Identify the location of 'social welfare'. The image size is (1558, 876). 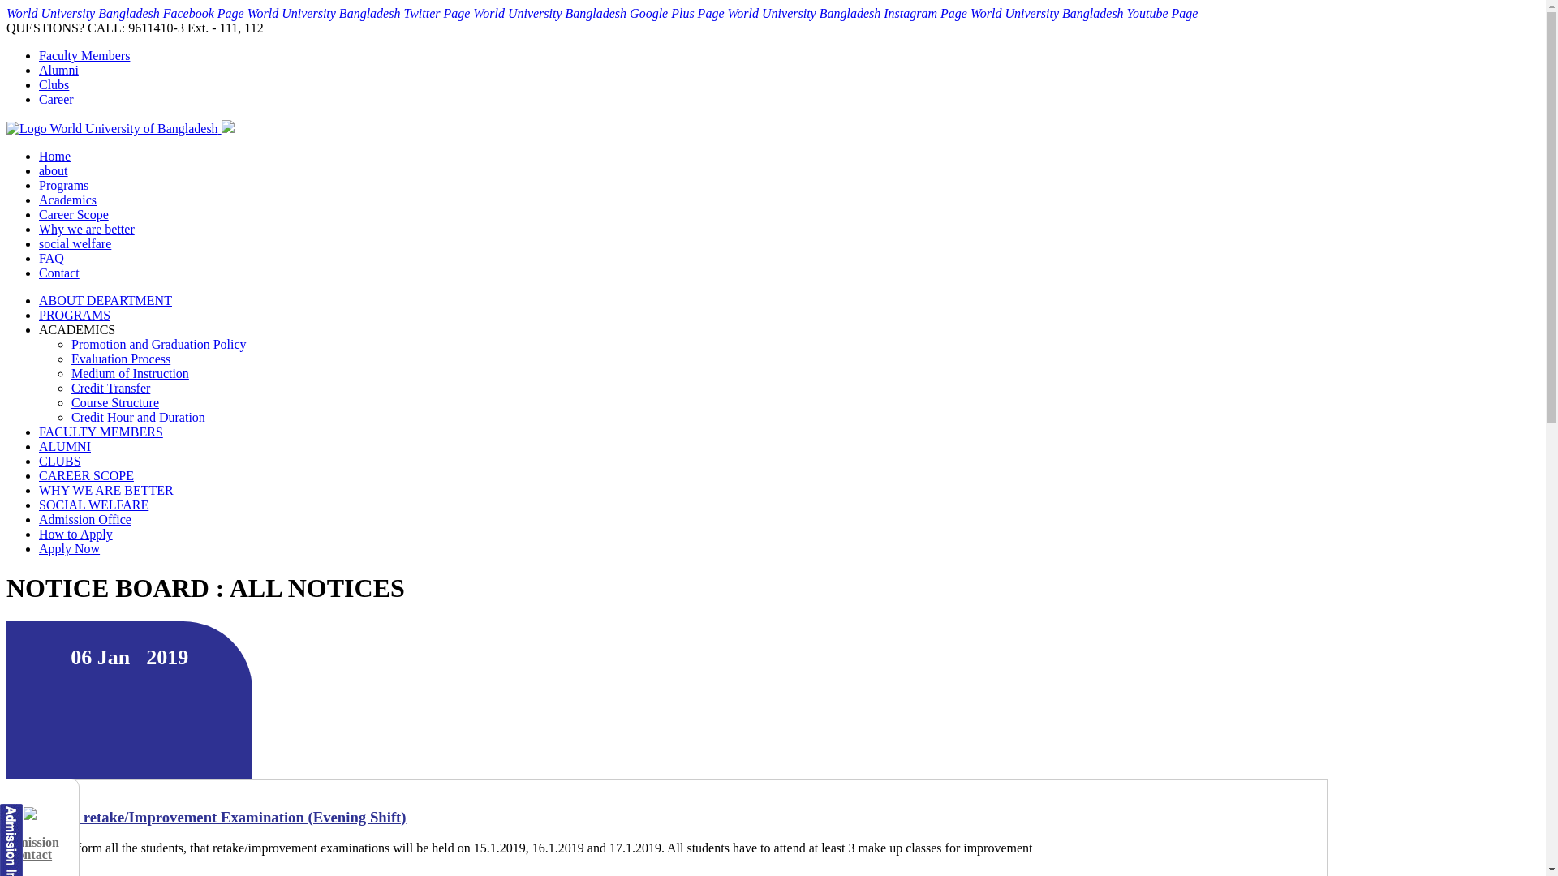
(74, 243).